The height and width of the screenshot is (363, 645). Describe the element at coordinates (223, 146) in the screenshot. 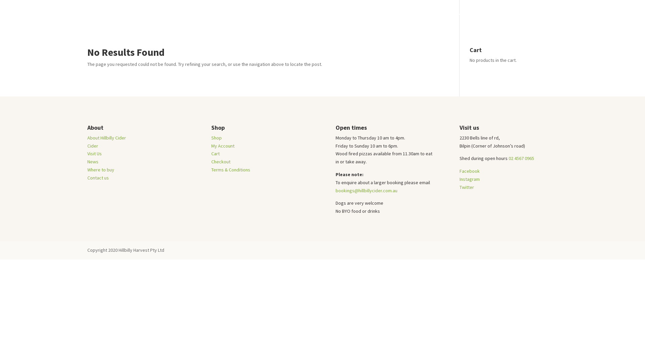

I see `'My Account'` at that location.